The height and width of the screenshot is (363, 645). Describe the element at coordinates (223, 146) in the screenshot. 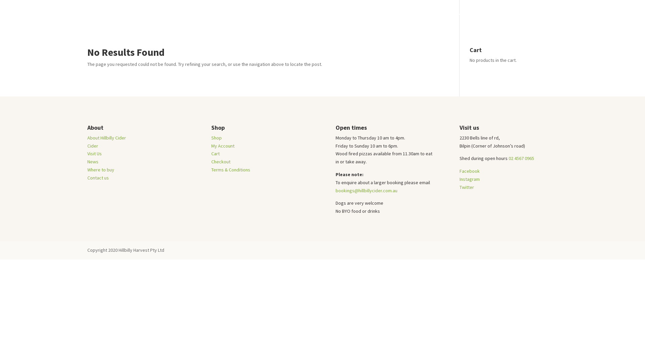

I see `'My Account'` at that location.